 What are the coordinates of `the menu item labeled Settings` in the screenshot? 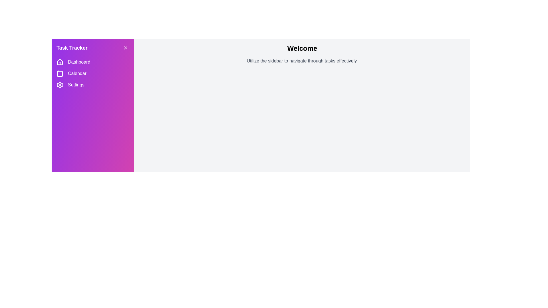 It's located at (93, 85).